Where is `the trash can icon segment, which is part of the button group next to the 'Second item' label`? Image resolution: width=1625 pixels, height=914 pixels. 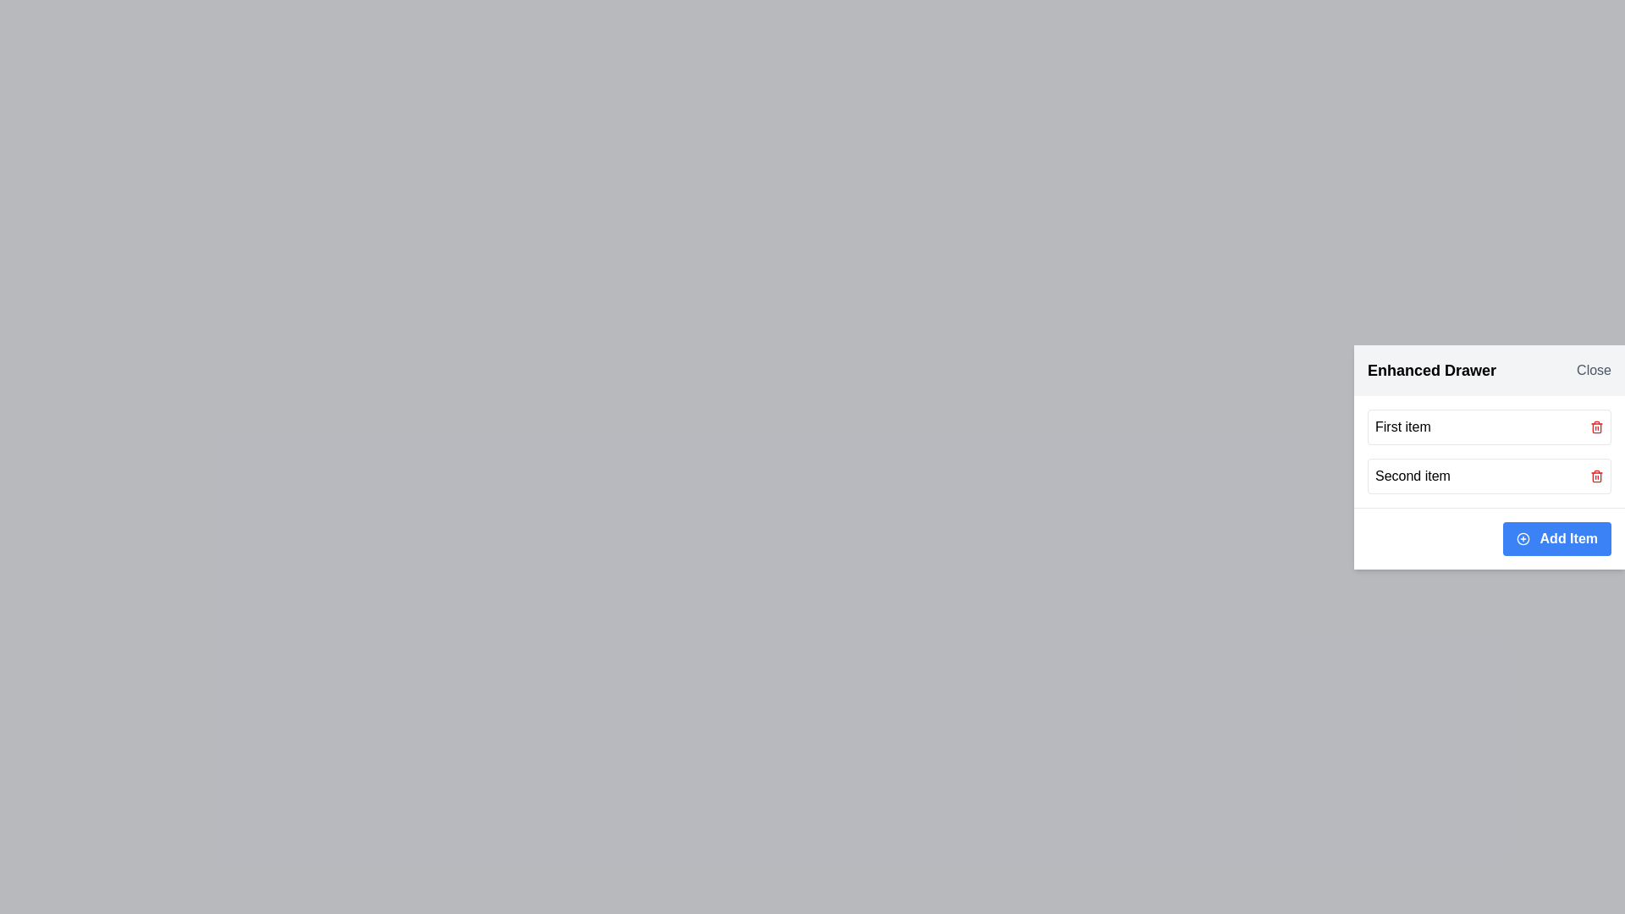 the trash can icon segment, which is part of the button group next to the 'Second item' label is located at coordinates (1595, 476).